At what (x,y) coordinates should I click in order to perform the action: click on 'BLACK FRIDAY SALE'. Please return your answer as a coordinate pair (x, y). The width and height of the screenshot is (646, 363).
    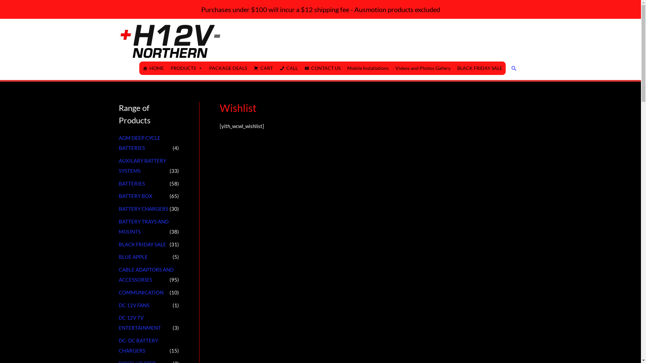
    Looking at the image, I should click on (142, 244).